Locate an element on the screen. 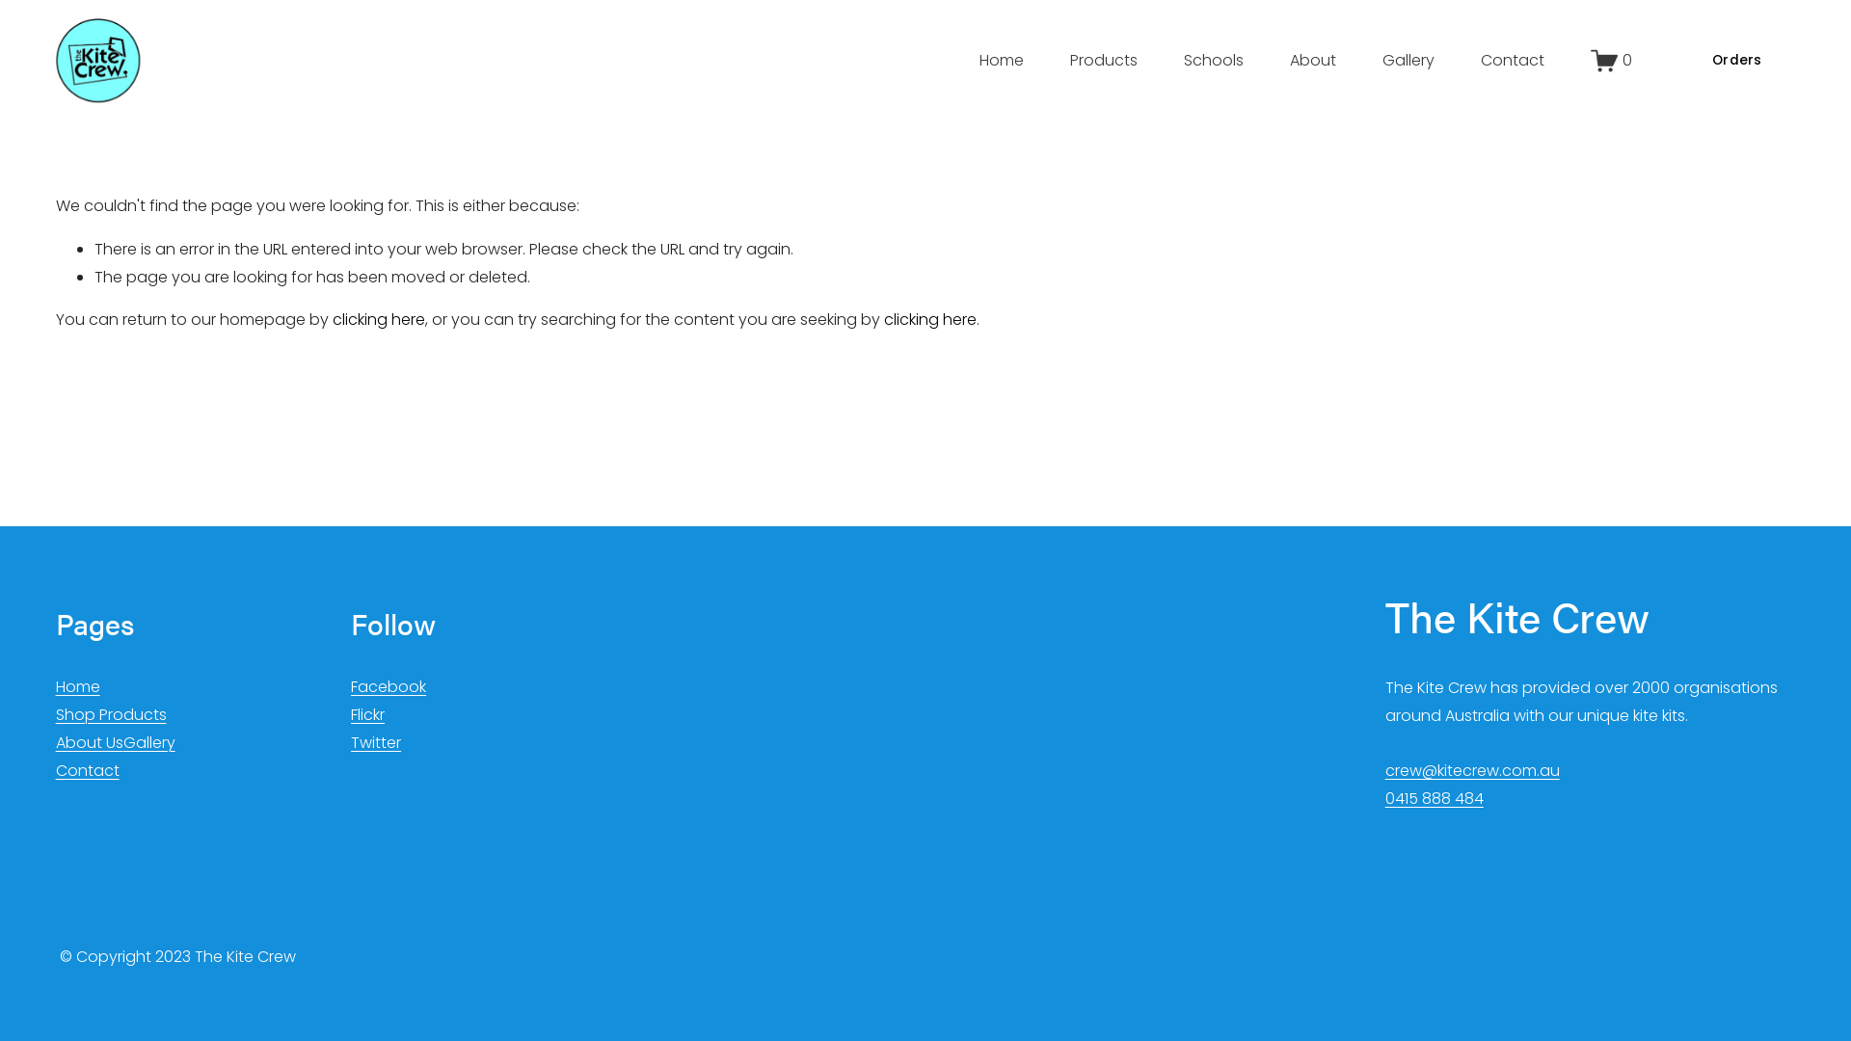 Image resolution: width=1851 pixels, height=1041 pixels. 'Shop Products' is located at coordinates (110, 715).